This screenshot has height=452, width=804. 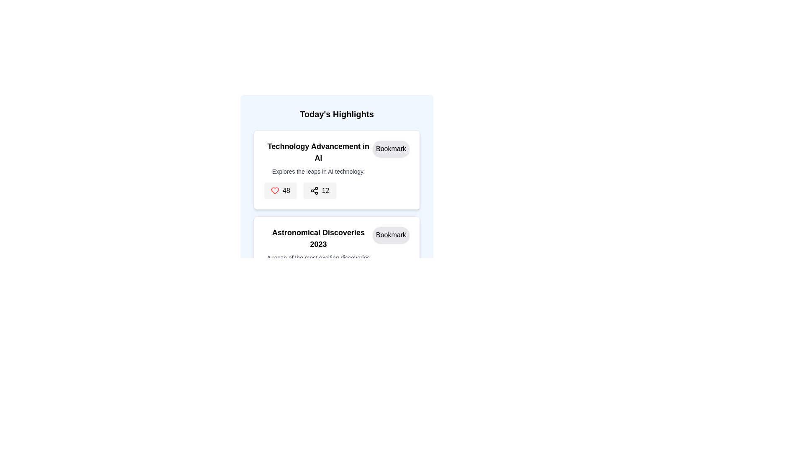 What do you see at coordinates (390, 235) in the screenshot?
I see `the 'Bookmark' button with a light gray background and shadow effect, located in the top-right corner of the 'Astronomical Discoveries 2023' card` at bounding box center [390, 235].